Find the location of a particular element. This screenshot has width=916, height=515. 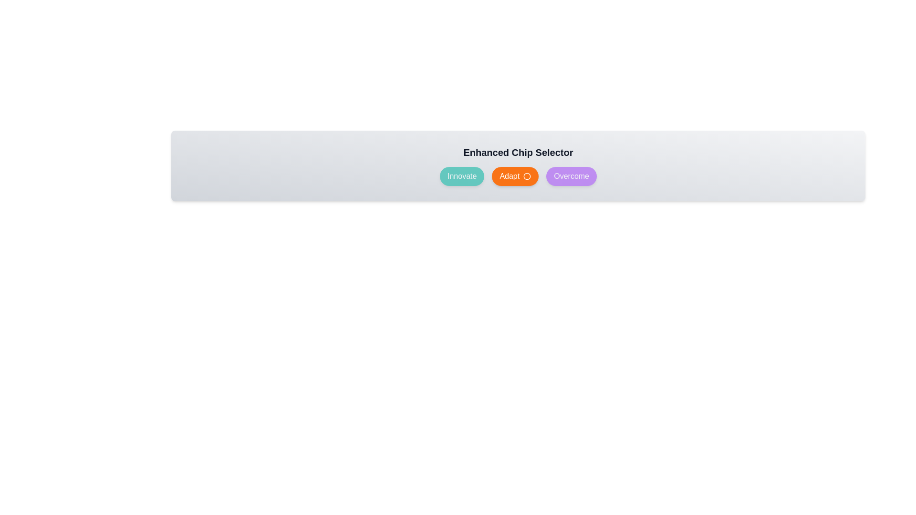

the chip labeled Overcome is located at coordinates (572, 176).